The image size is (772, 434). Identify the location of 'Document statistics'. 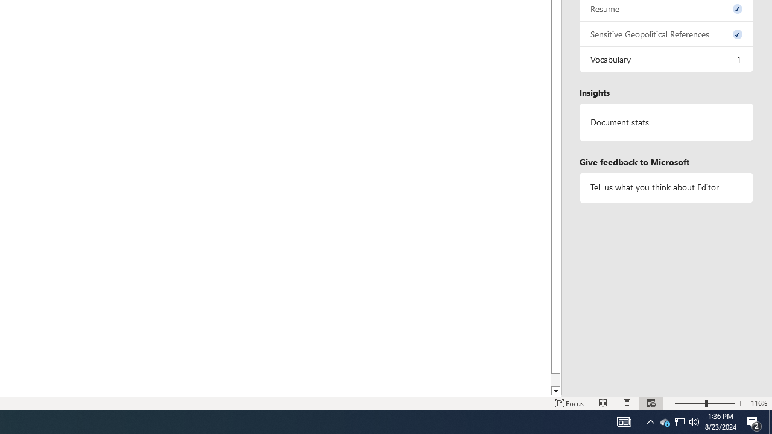
(666, 122).